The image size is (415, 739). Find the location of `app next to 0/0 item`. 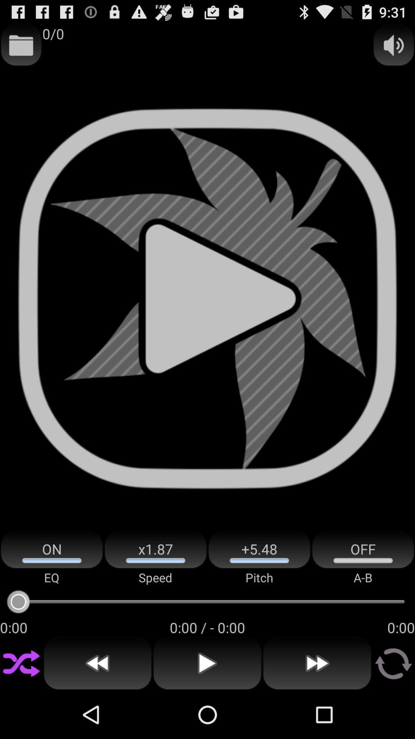

app next to 0/0 item is located at coordinates (21, 45).